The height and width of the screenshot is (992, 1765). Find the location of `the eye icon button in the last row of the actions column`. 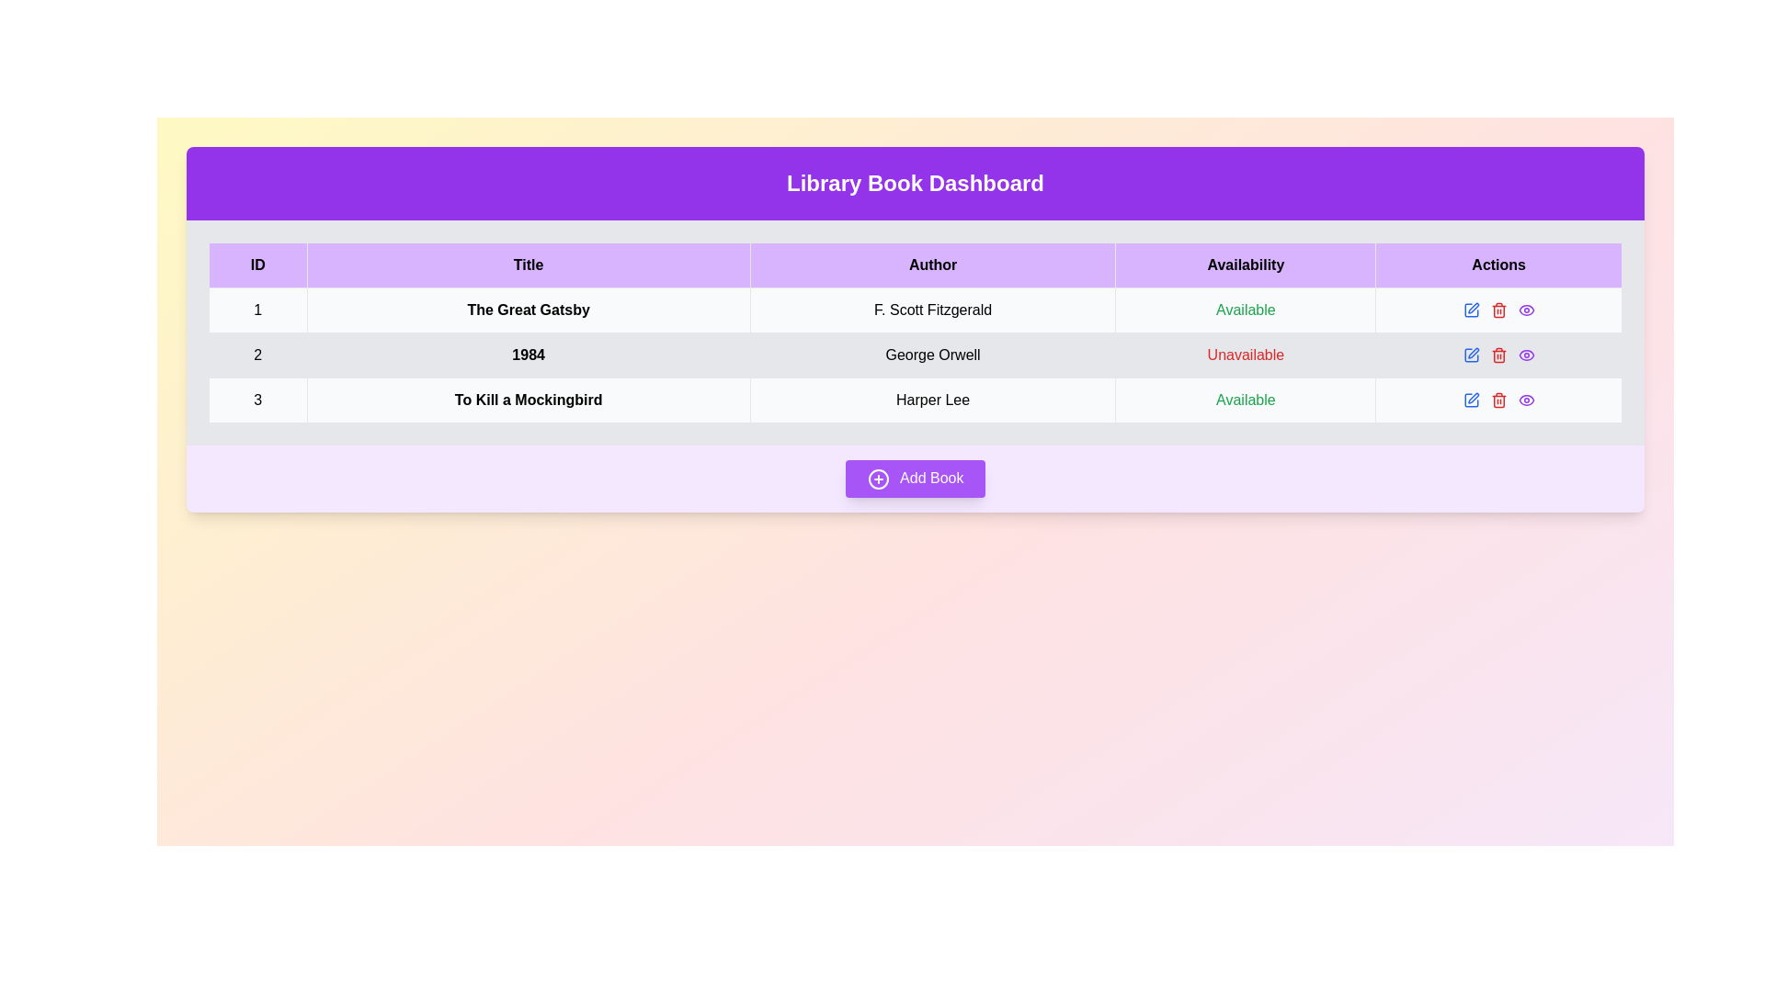

the eye icon button in the last row of the actions column is located at coordinates (1526, 399).